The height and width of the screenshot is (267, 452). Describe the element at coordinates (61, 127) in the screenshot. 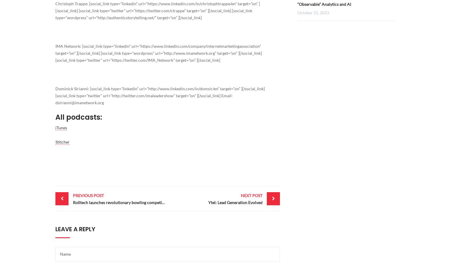

I see `'iTunes'` at that location.